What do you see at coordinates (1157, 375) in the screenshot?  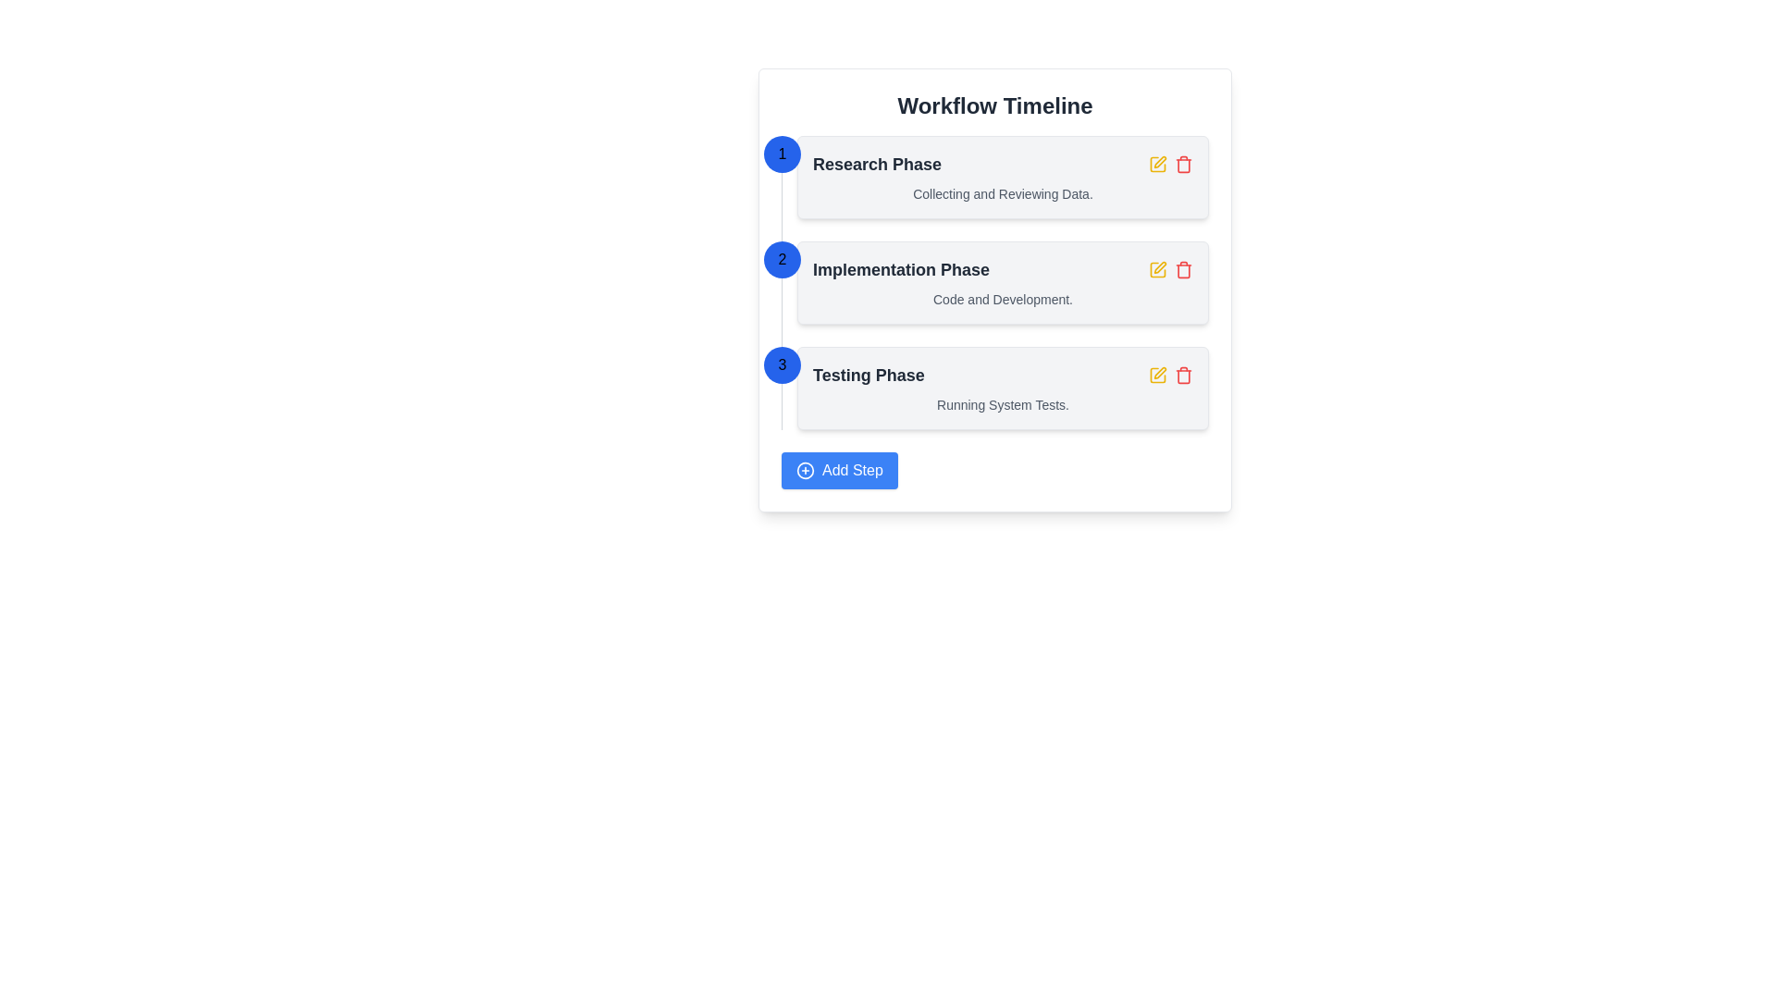 I see `the edit button located to the right of the 'Testing Phase' row in the Workflow Timeline` at bounding box center [1157, 375].